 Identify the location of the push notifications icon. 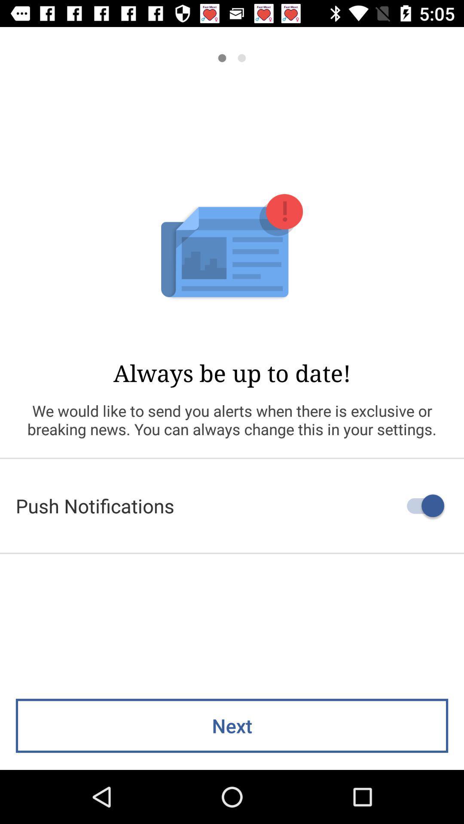
(232, 506).